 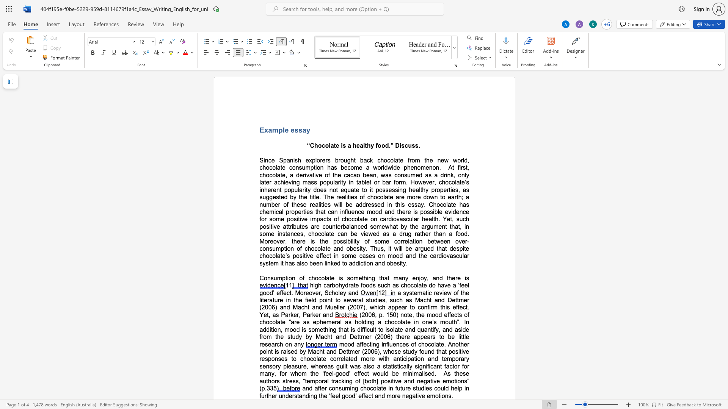 I want to click on the space between the continuous character "e" and "w" in the text, so click(x=385, y=226).